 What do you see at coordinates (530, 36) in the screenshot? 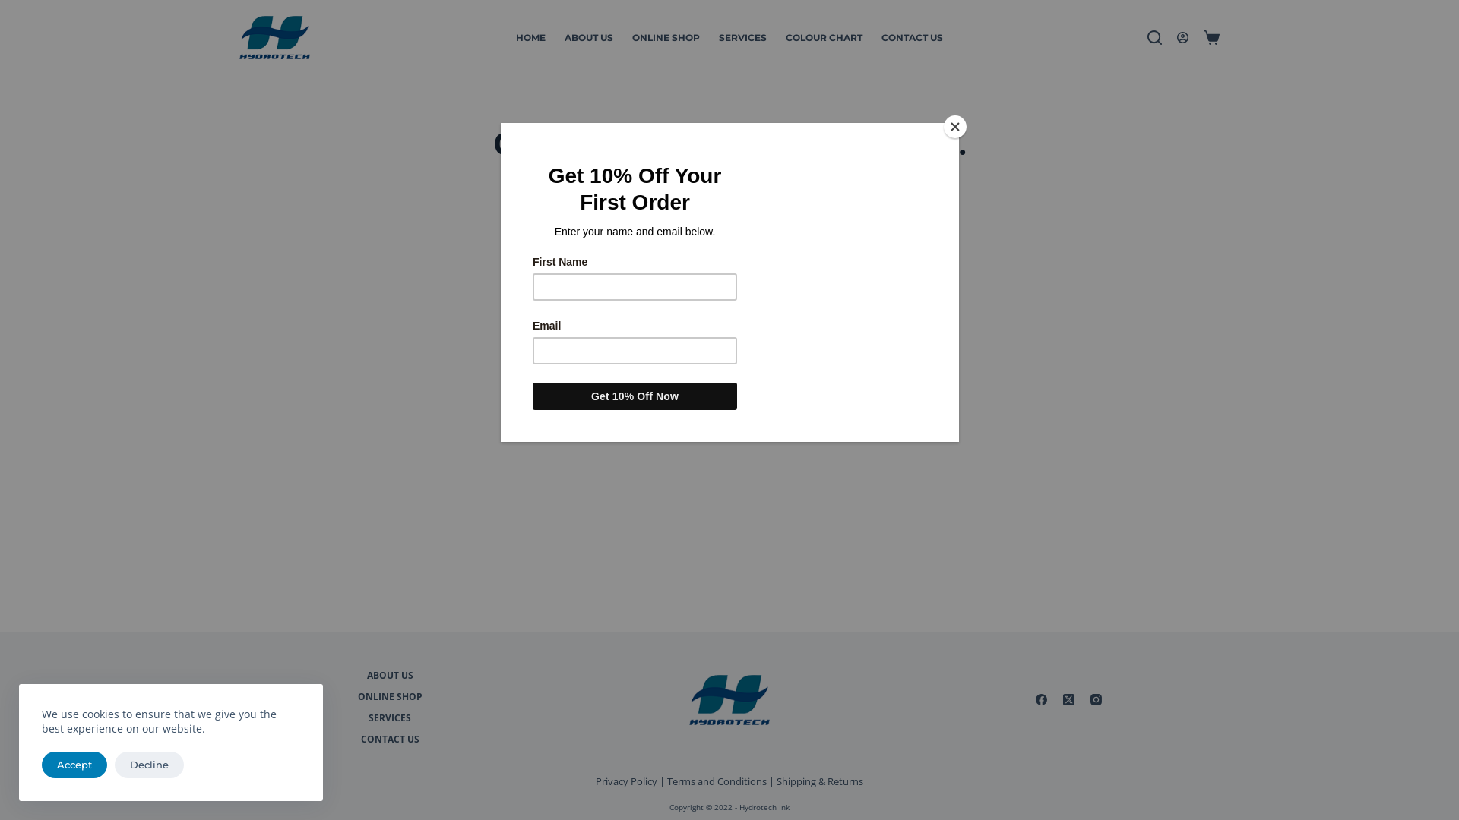
I see `'HOME'` at bounding box center [530, 36].